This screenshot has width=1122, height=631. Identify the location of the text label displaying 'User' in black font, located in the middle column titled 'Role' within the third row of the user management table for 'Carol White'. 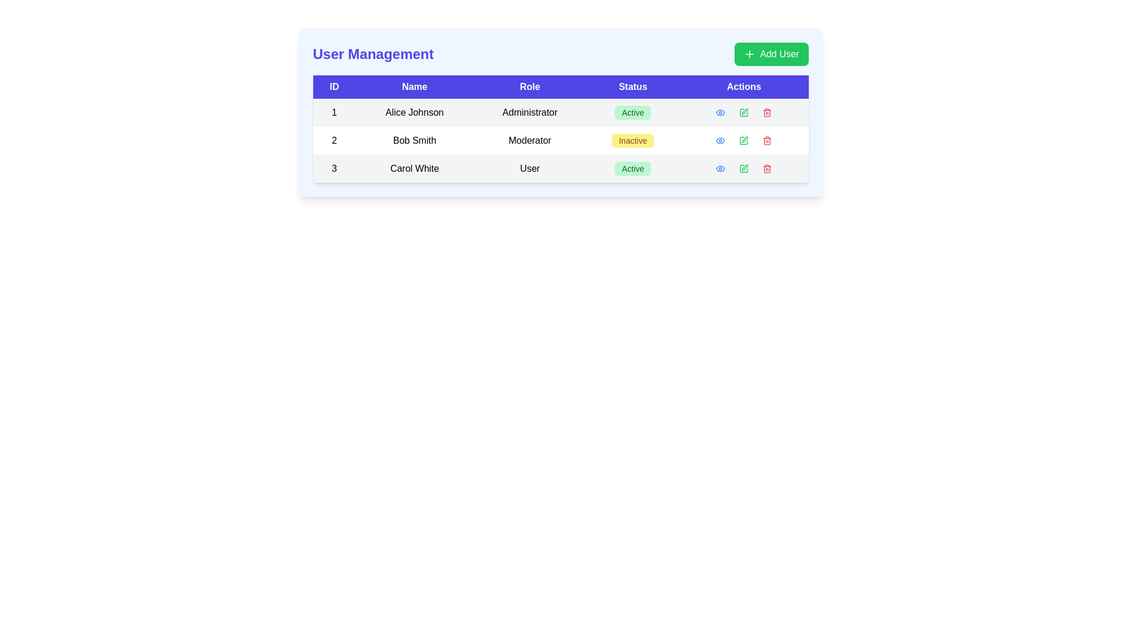
(529, 169).